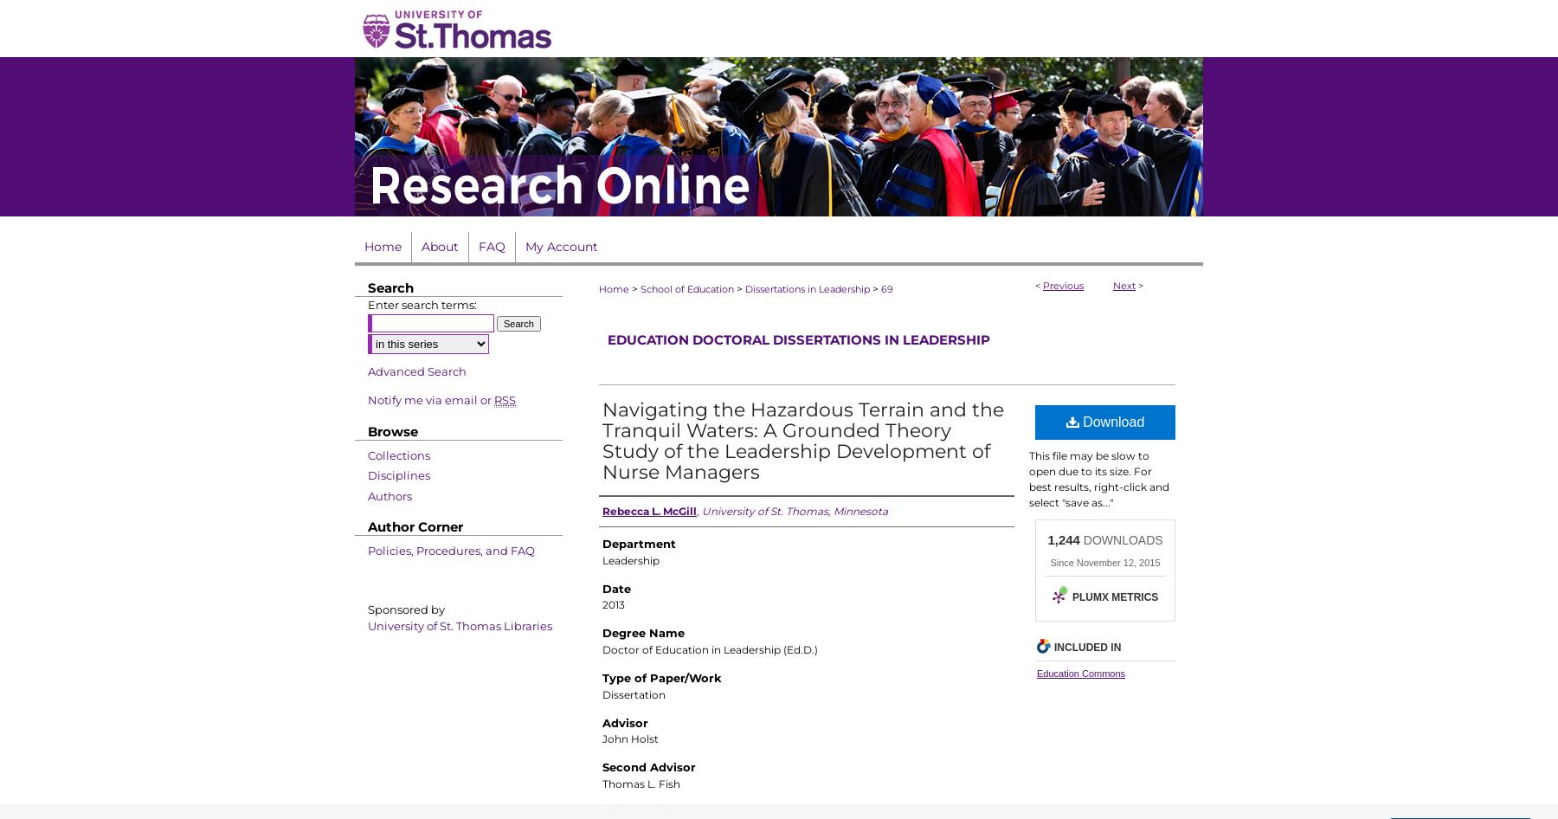 This screenshot has height=819, width=1558. What do you see at coordinates (405, 609) in the screenshot?
I see `'Sponsored by'` at bounding box center [405, 609].